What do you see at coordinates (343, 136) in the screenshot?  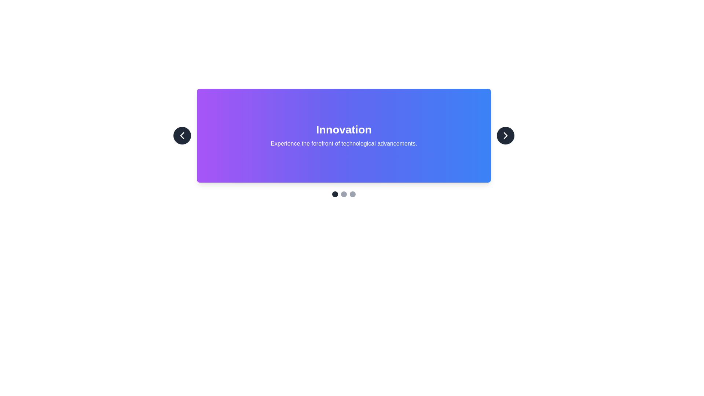 I see `the Feature highlight section, which emphasizes technological innovation and advancements, located centrally between the navigation arrows` at bounding box center [343, 136].